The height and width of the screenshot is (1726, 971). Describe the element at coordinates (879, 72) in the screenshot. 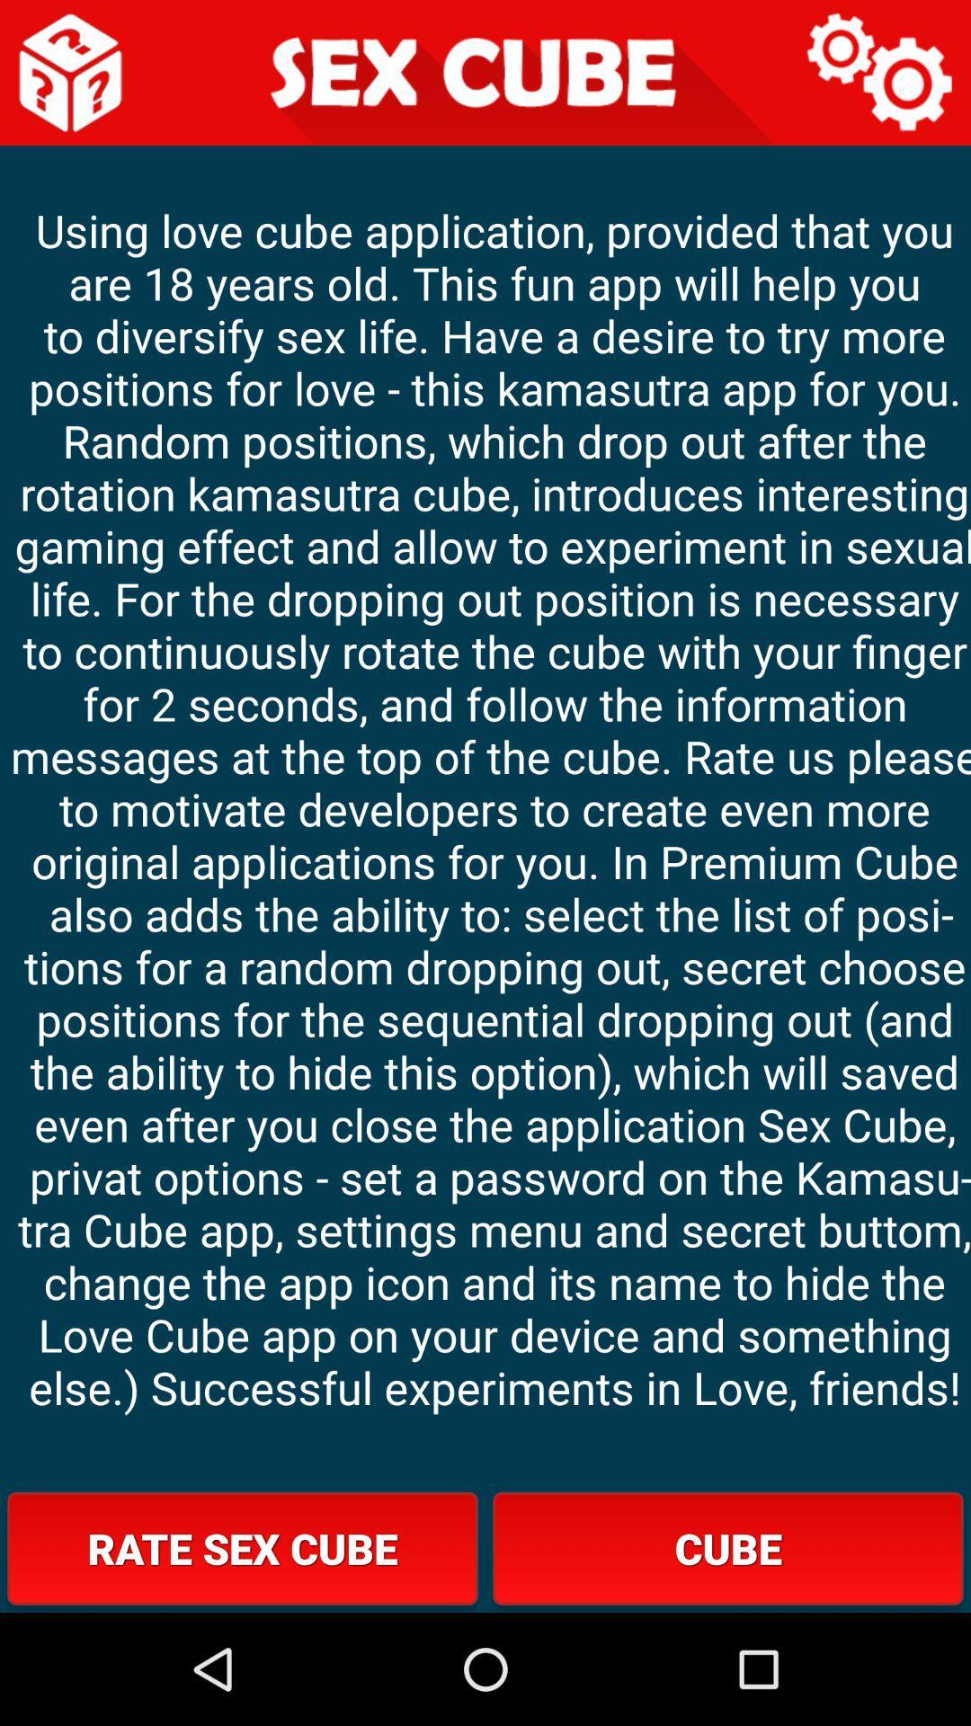

I see `settings option` at that location.